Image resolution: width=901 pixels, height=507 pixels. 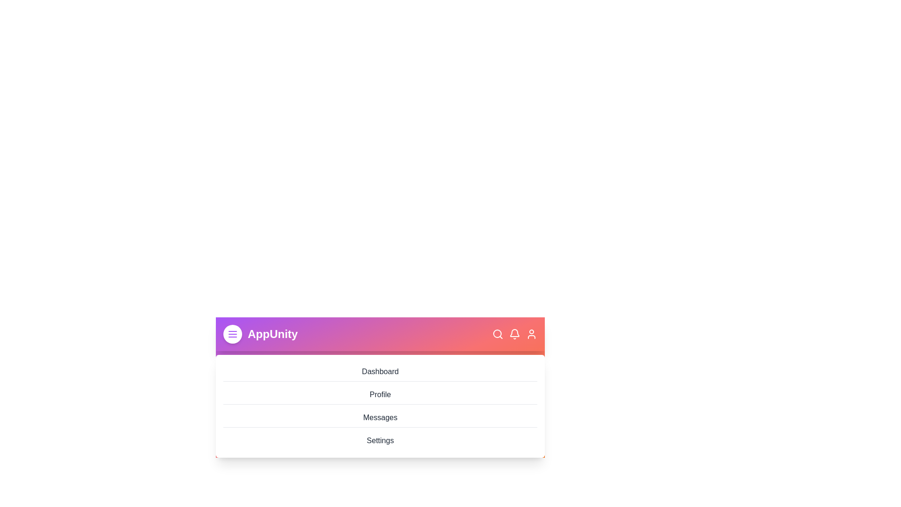 What do you see at coordinates (514, 334) in the screenshot?
I see `the specified icon: notifications` at bounding box center [514, 334].